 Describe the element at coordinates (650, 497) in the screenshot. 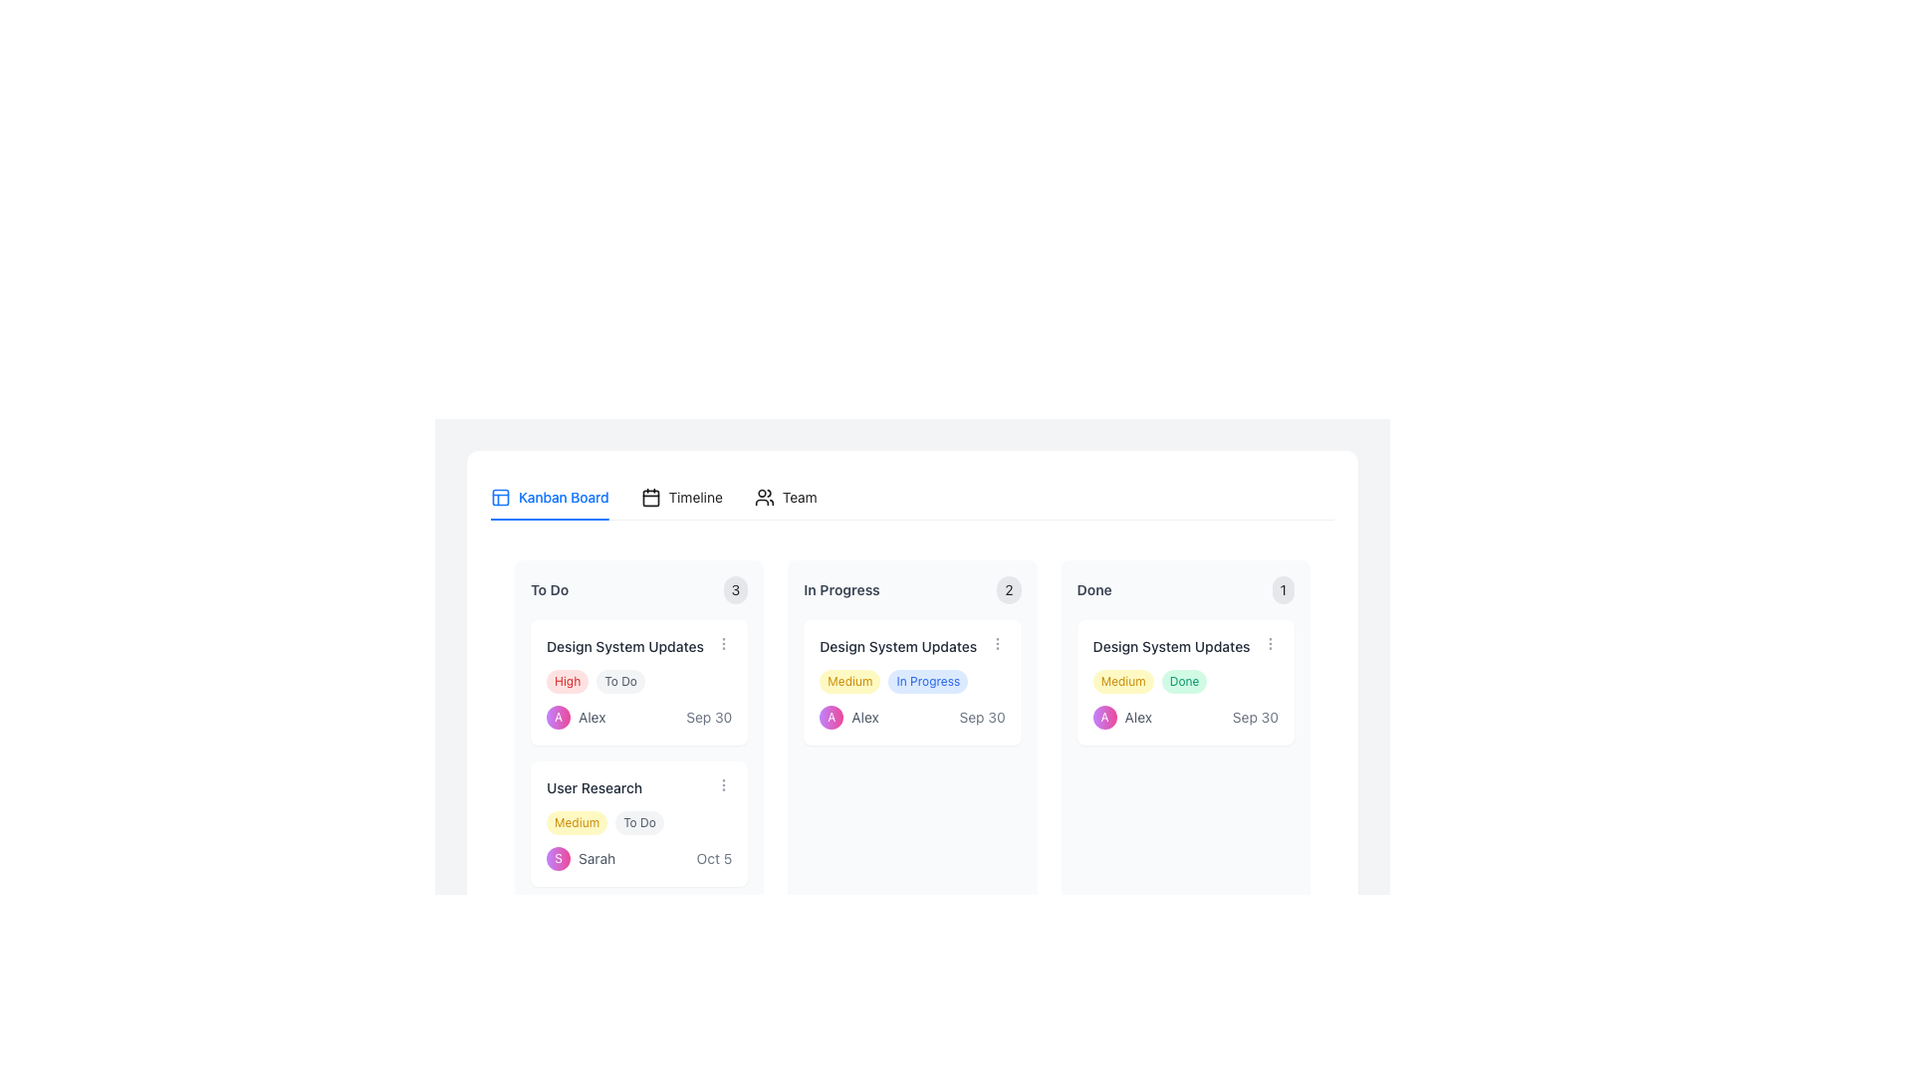

I see `the 'Timeline' icon located in the upper navigation area, which serves as a visual marker for scheduling functionalities` at that location.